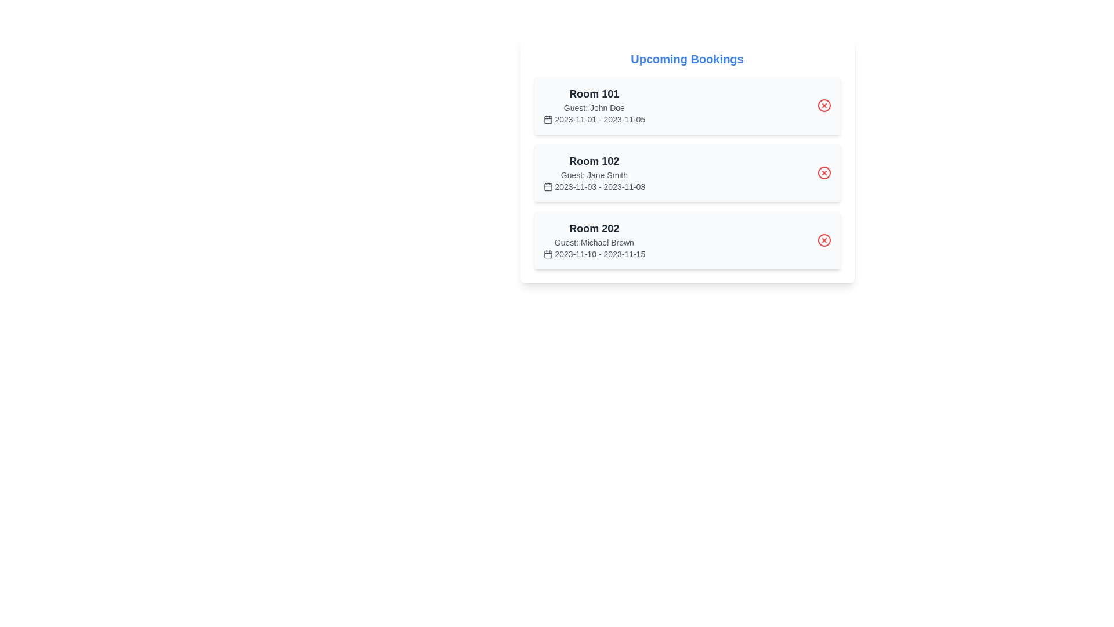  Describe the element at coordinates (823, 105) in the screenshot. I see `the interactive icon at the top-right corner of the booking for 'Room 101'` at that location.